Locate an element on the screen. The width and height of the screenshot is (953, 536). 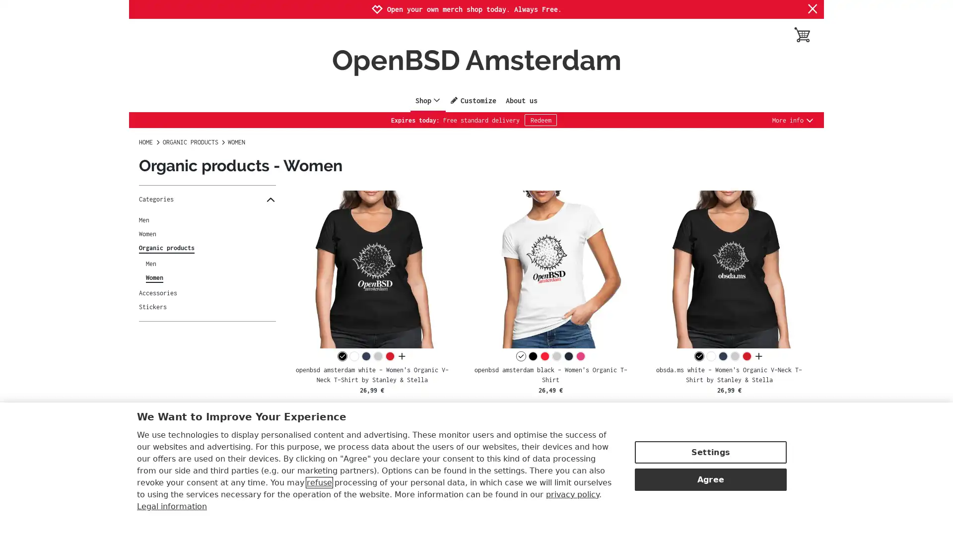
Redeem is located at coordinates (540, 120).